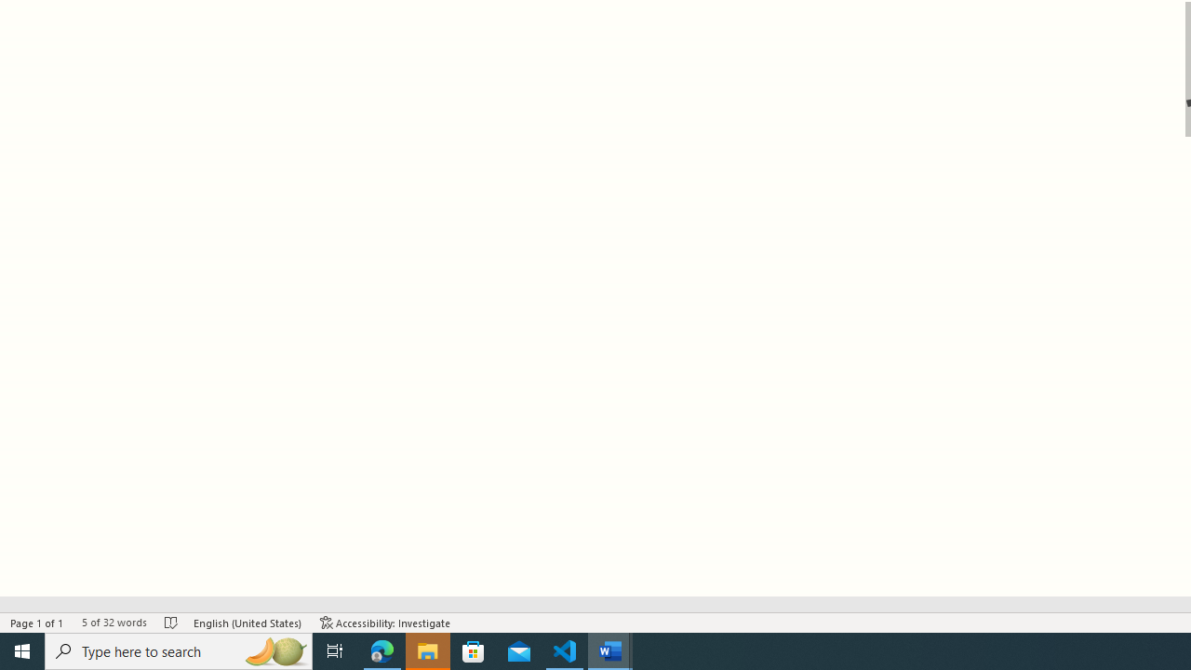 The height and width of the screenshot is (670, 1191). I want to click on 'Spelling and Grammar Check No Errors', so click(171, 623).